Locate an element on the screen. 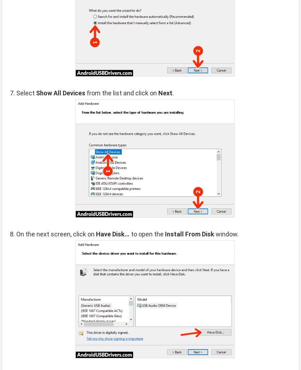 This screenshot has width=301, height=370. 'Have Disk…' is located at coordinates (113, 233).